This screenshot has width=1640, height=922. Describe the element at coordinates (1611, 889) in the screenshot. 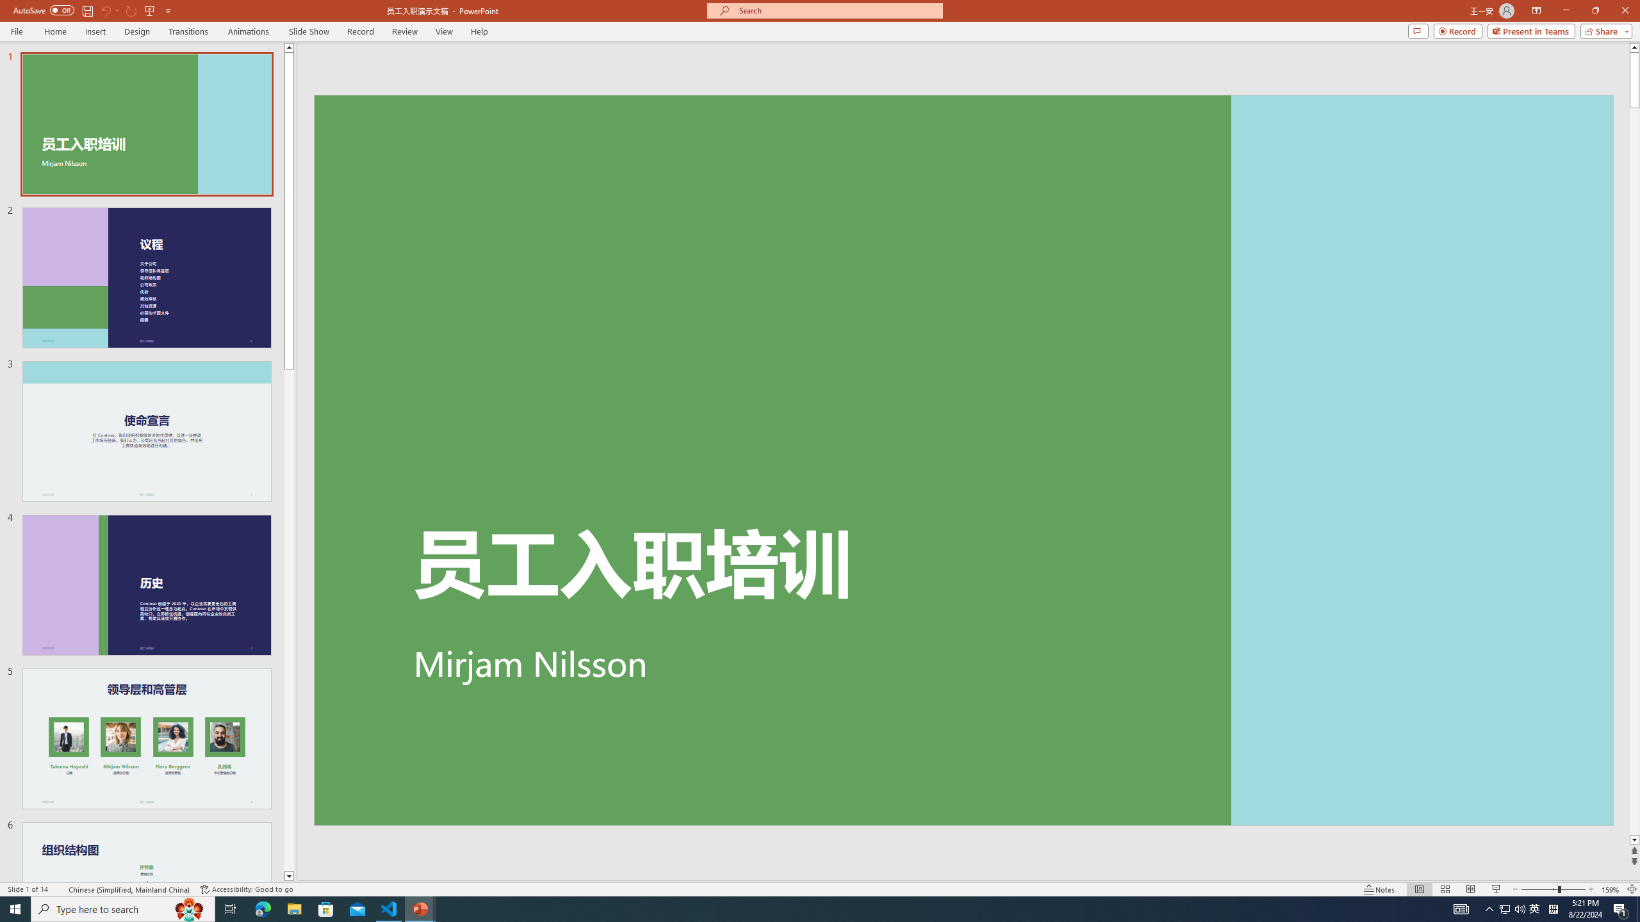

I see `'Zoom 159%'` at that location.